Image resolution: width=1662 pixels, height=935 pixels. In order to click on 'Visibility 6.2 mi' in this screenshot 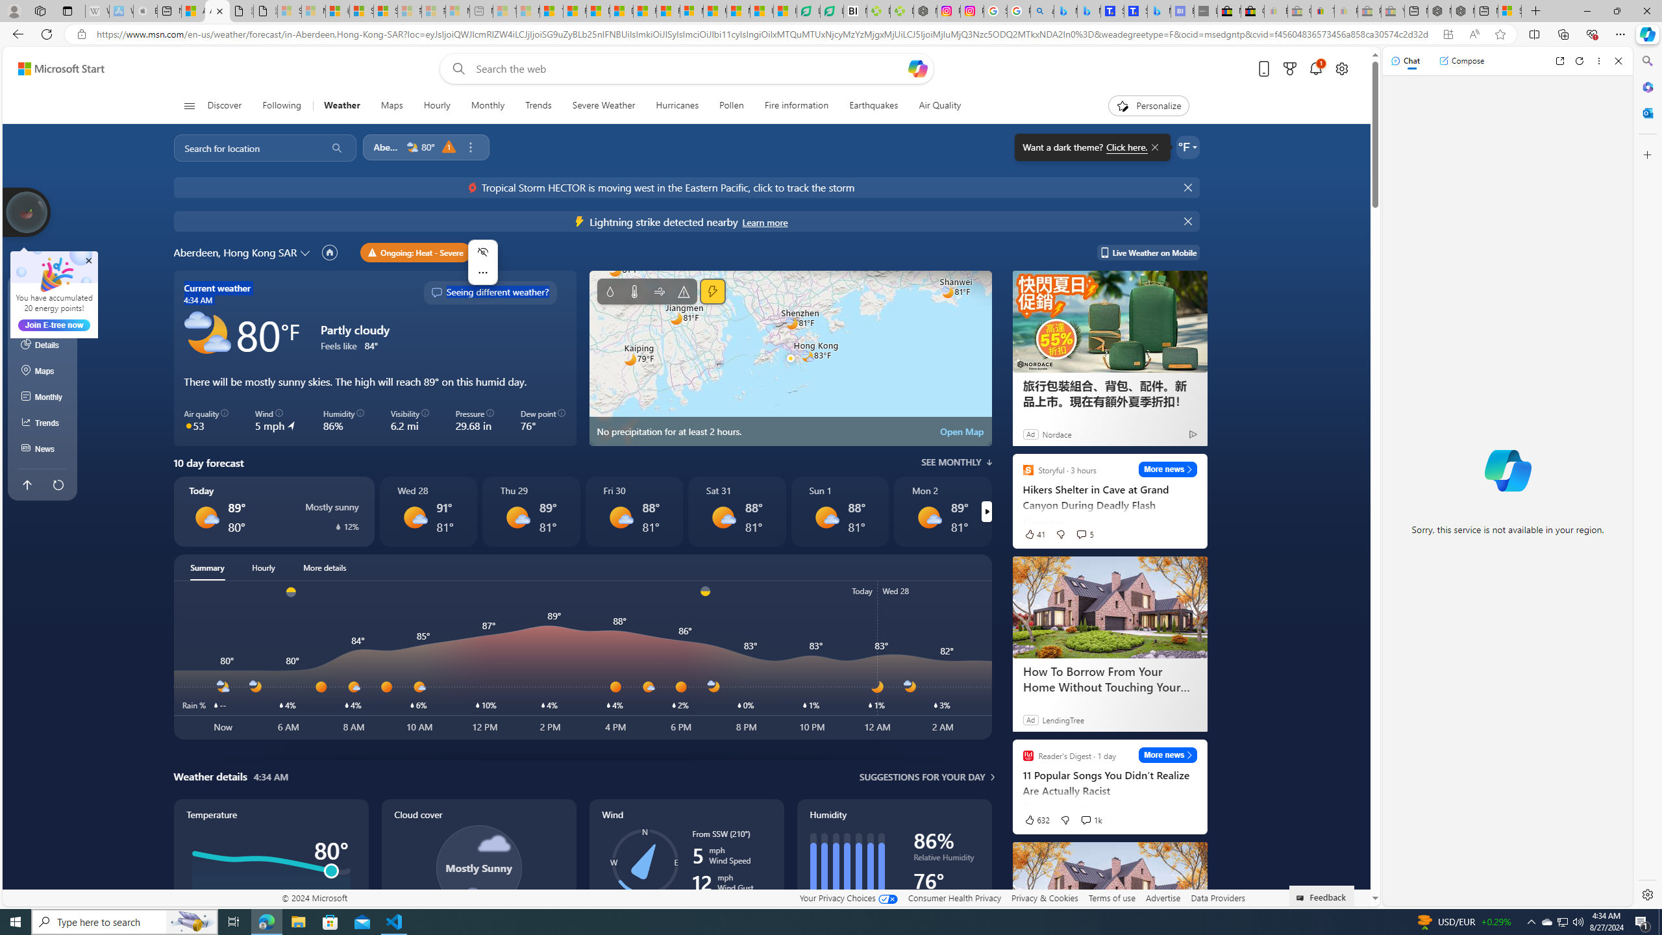, I will do `click(410, 420)`.